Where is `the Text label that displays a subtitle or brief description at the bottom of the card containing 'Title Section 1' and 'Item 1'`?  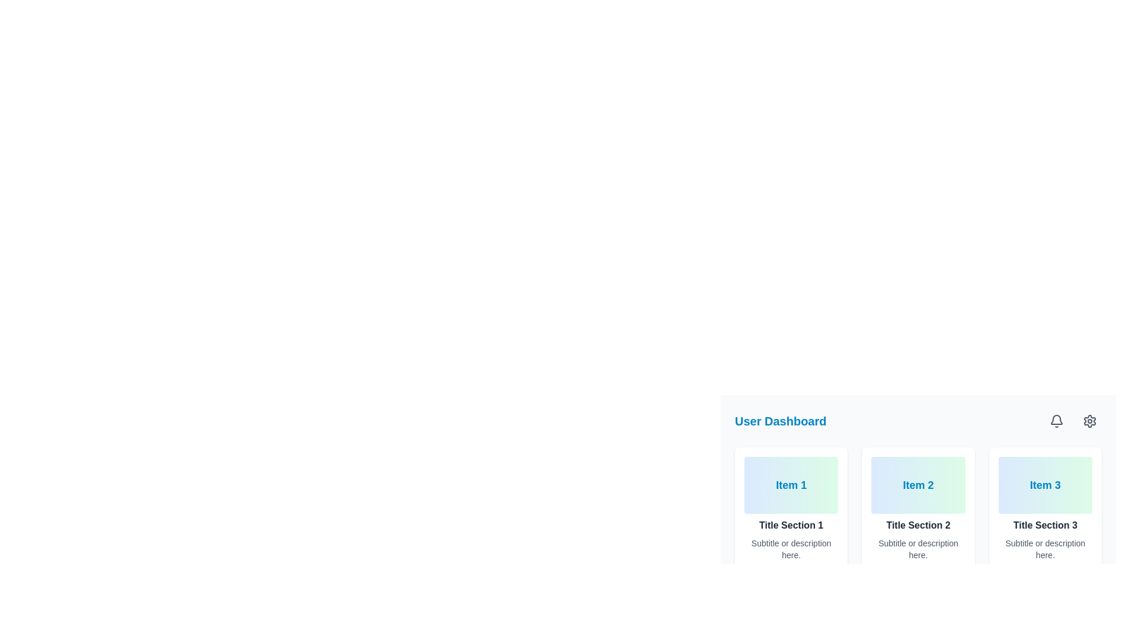 the Text label that displays a subtitle or brief description at the bottom of the card containing 'Title Section 1' and 'Item 1' is located at coordinates (791, 549).